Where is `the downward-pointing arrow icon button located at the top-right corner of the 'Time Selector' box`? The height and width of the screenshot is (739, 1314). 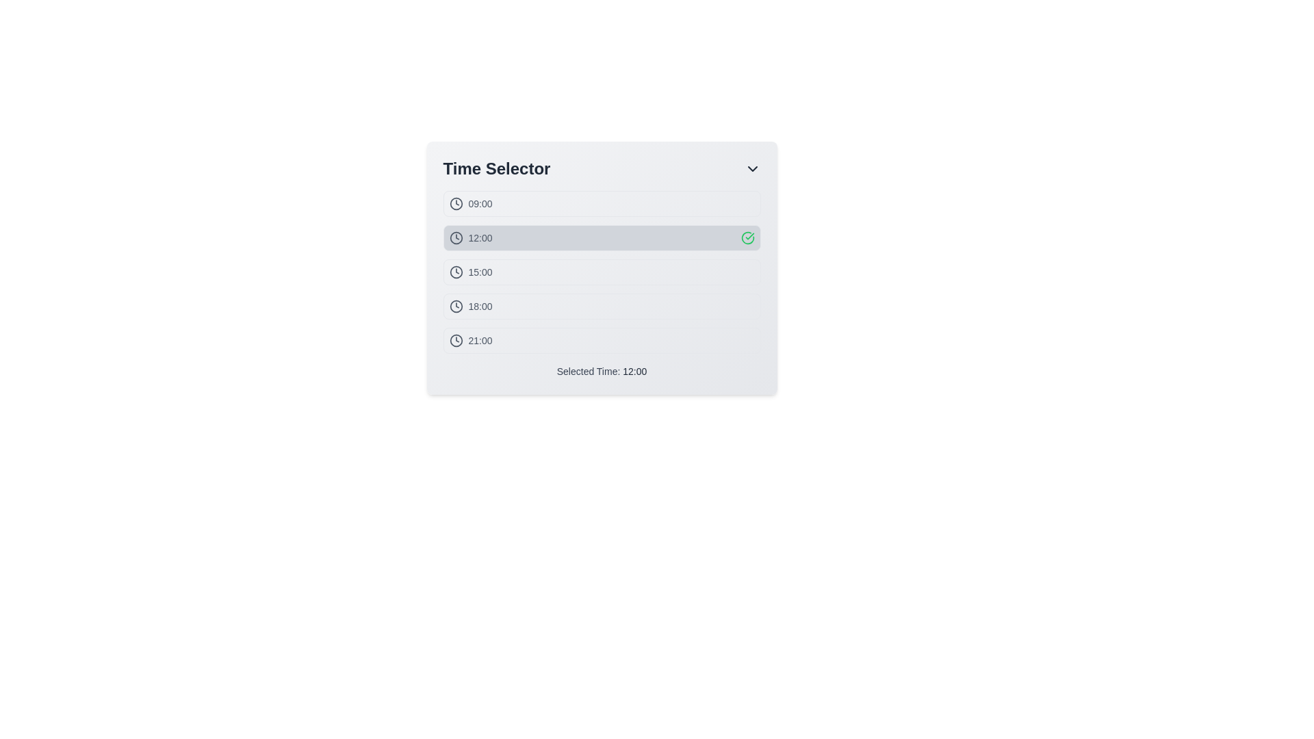 the downward-pointing arrow icon button located at the top-right corner of the 'Time Selector' box is located at coordinates (751, 168).